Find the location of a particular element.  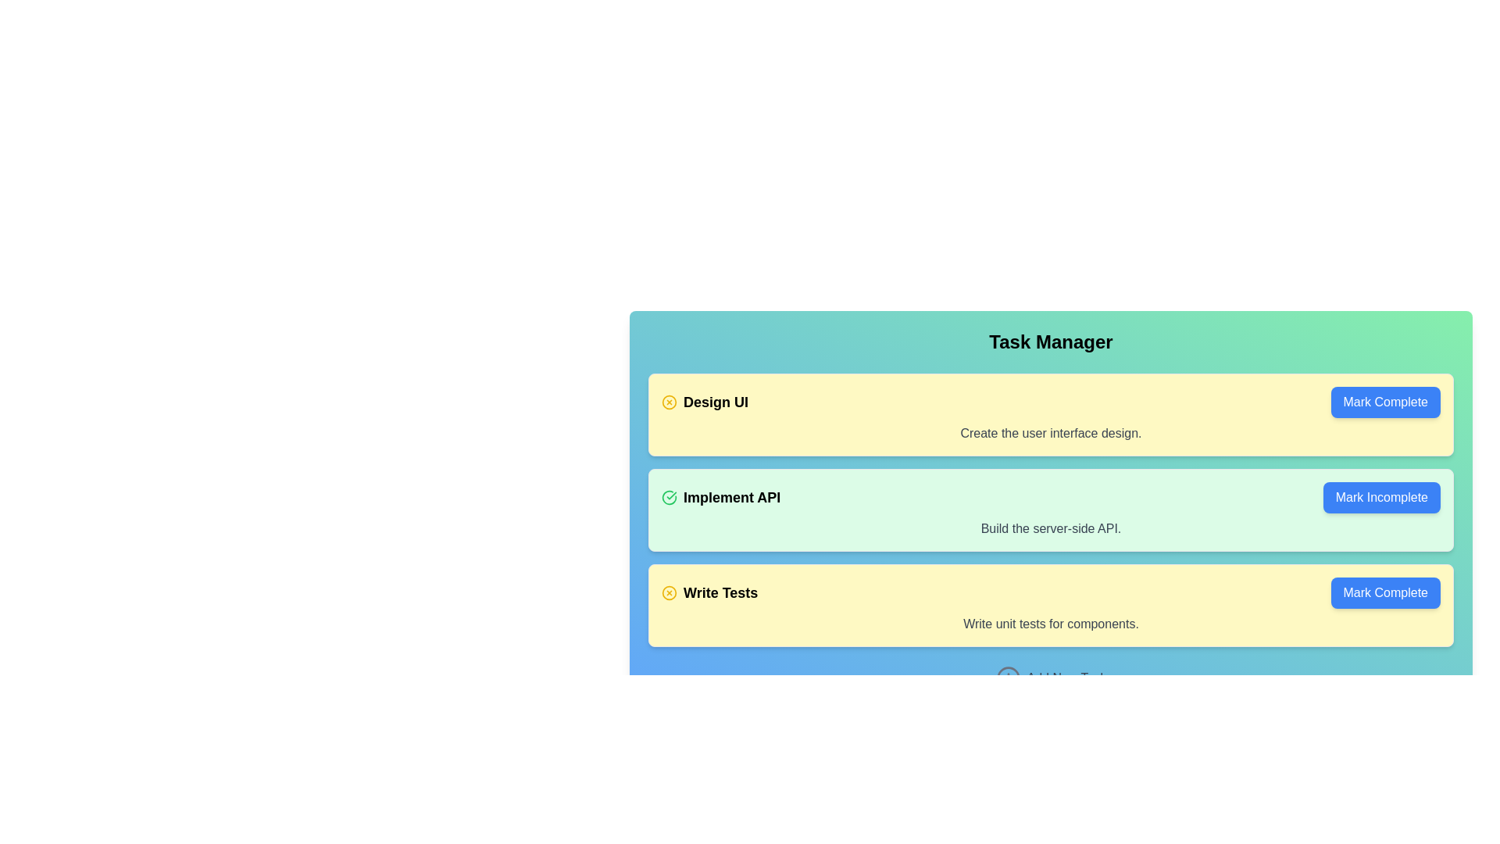

text label 'Write Tests' which is bold and located next to a yellow circular icon with a cross symbol, positioned in the third task row of the 'Task Manager' interface is located at coordinates (709, 593).